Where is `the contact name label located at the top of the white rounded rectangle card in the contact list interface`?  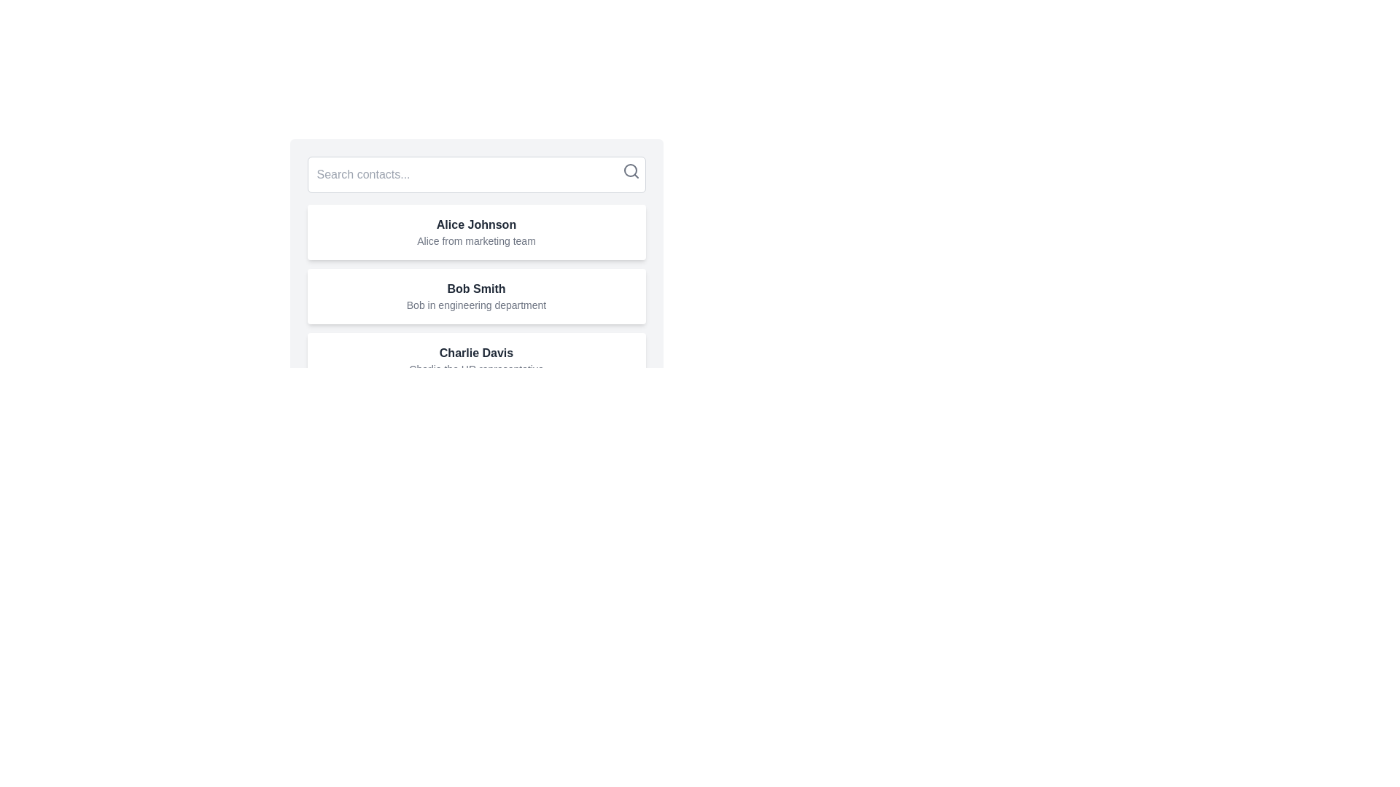
the contact name label located at the top of the white rounded rectangle card in the contact list interface is located at coordinates (476, 224).